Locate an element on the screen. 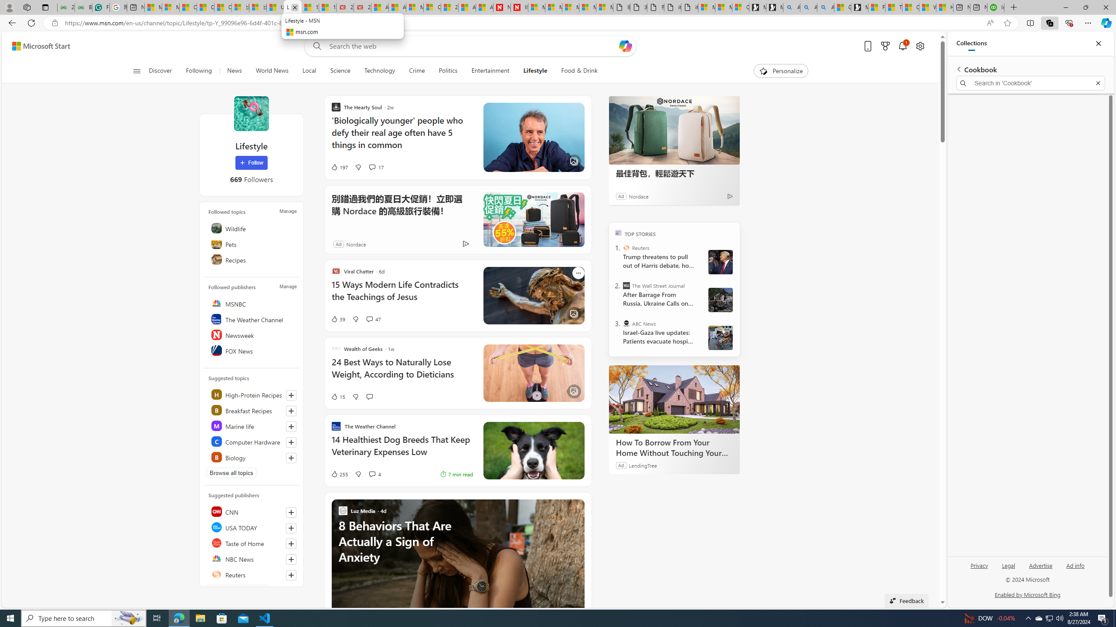 This screenshot has height=627, width=1116. 'Newsweek - News, Analysis, Politics, Business, Technology' is located at coordinates (502, 7).